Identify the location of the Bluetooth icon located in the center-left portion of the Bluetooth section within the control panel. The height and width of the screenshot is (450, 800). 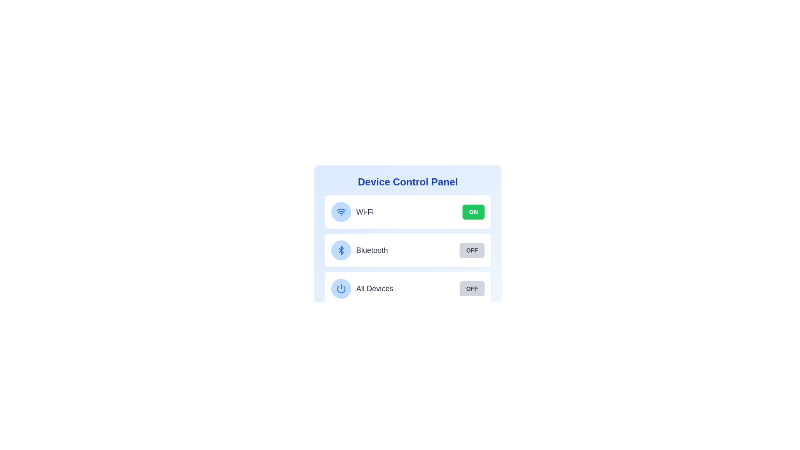
(341, 250).